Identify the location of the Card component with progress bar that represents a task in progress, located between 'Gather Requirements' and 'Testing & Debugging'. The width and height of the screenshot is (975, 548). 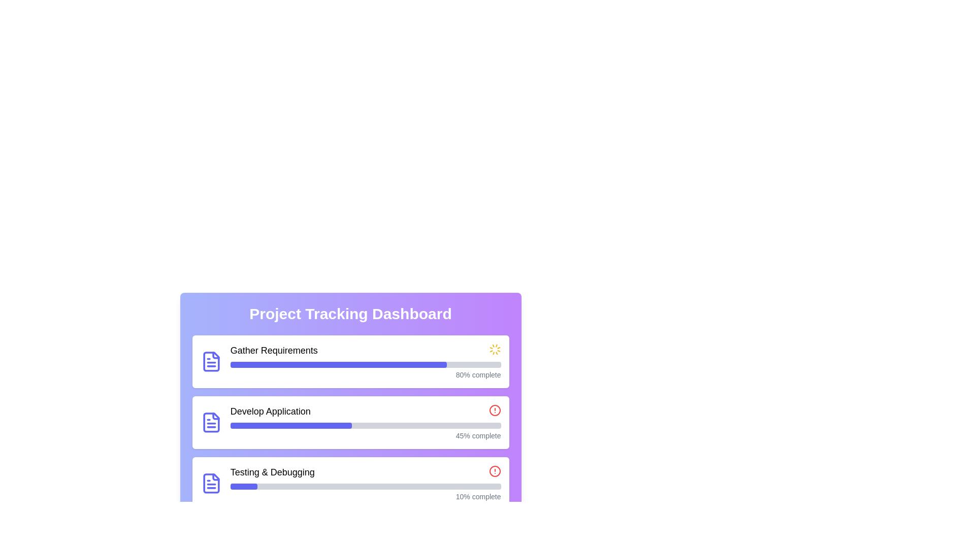
(350, 423).